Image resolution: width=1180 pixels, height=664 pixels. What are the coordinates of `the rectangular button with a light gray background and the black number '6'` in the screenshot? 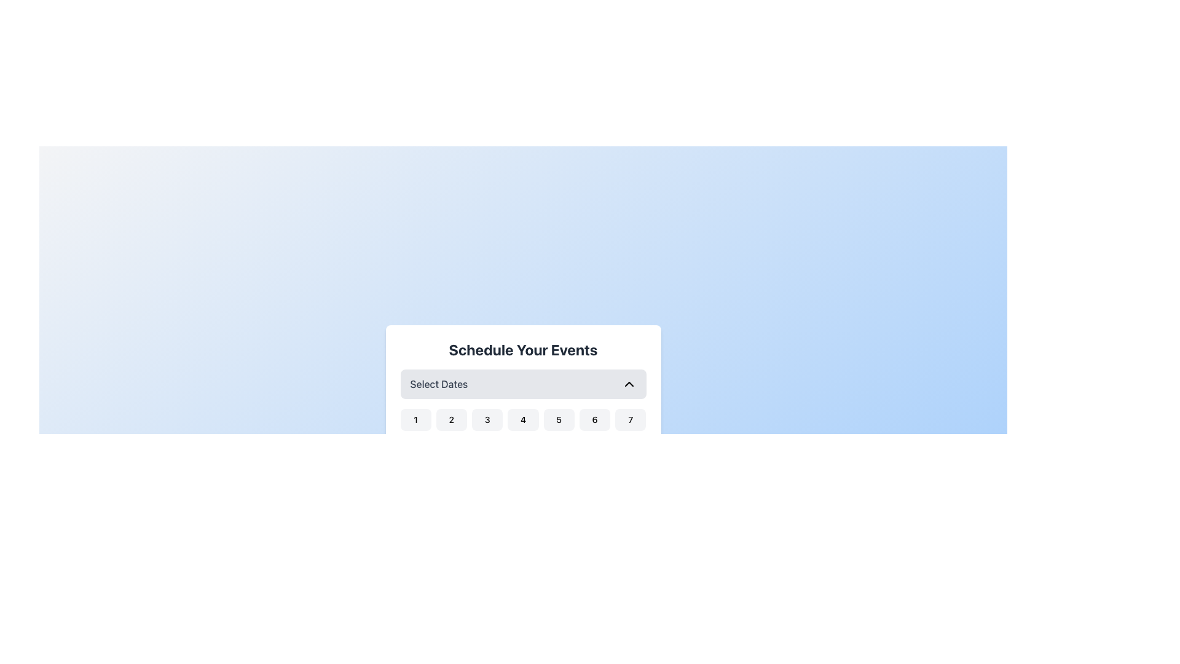 It's located at (595, 419).